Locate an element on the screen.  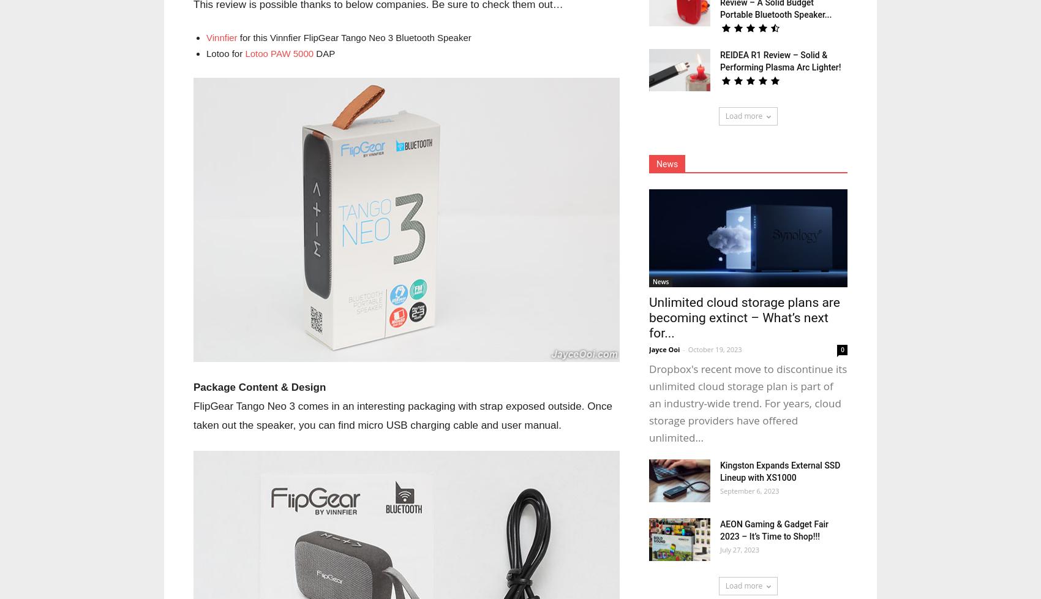
'Lotoo for' is located at coordinates (225, 53).